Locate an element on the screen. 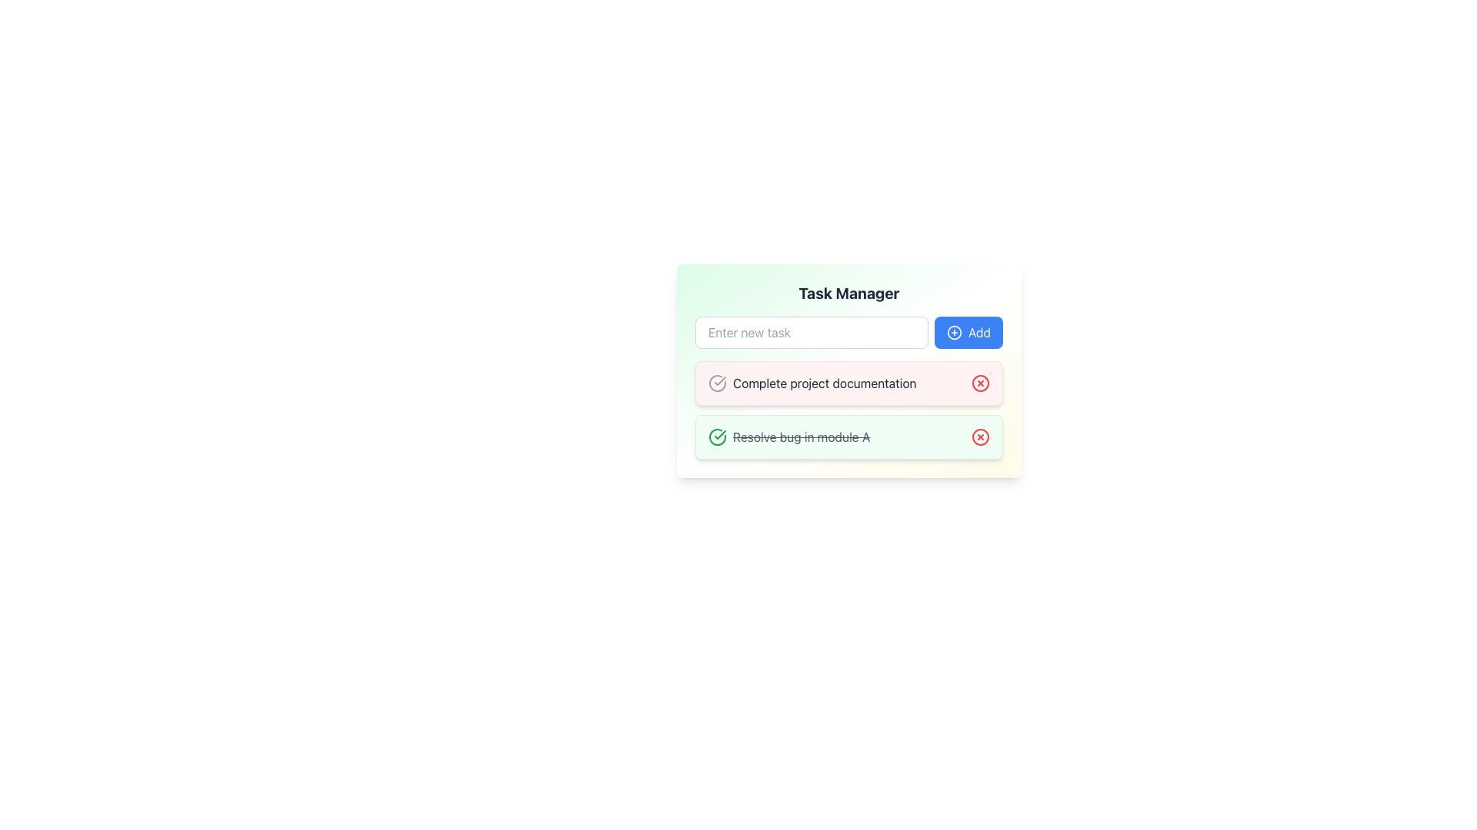  the completed task text element which has a strikethrough and is located in the completed task section, positioned to the right of the green checkmark icon is located at coordinates (801, 437).